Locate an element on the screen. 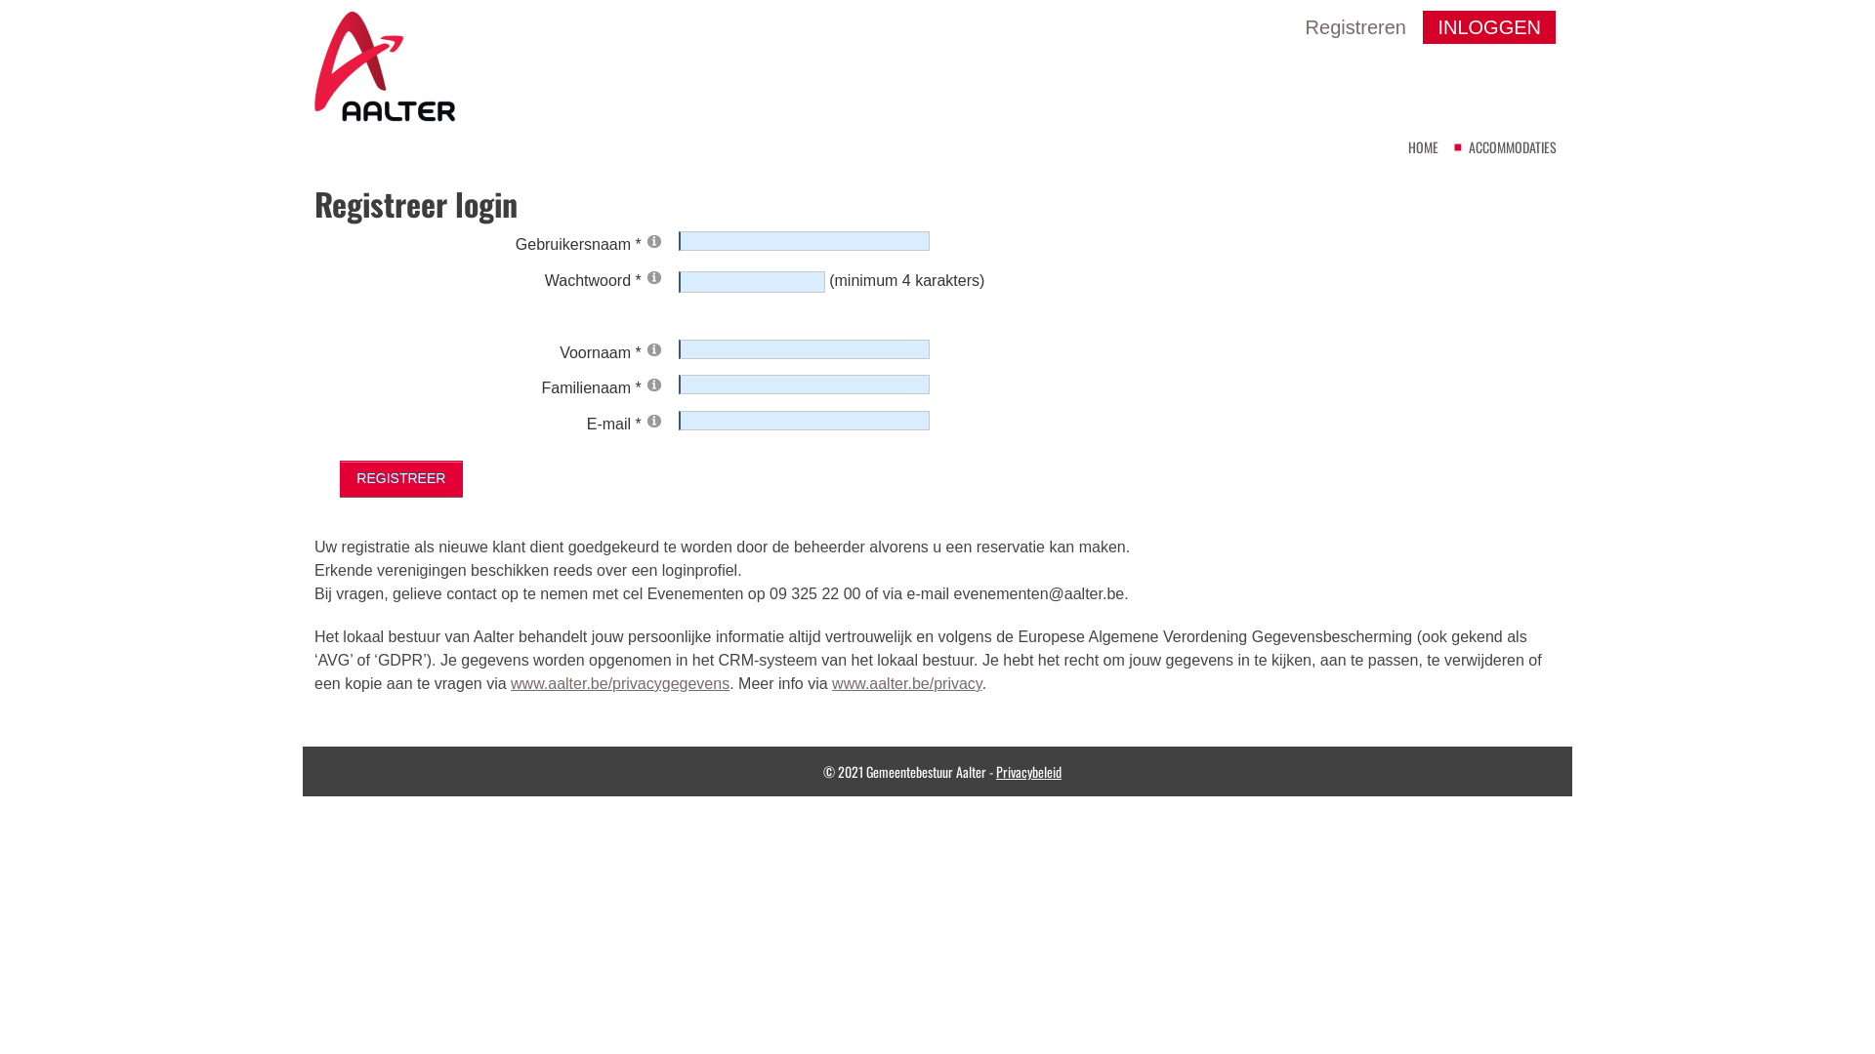 Image resolution: width=1875 pixels, height=1054 pixels. 'INLOGGEN' is located at coordinates (1488, 26).